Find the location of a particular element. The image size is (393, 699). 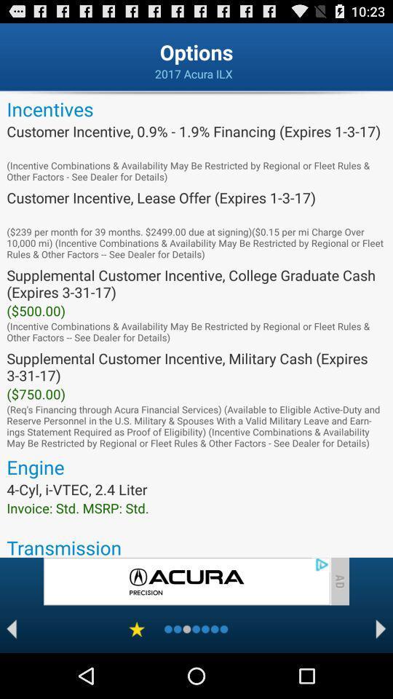

the play icon is located at coordinates (381, 673).